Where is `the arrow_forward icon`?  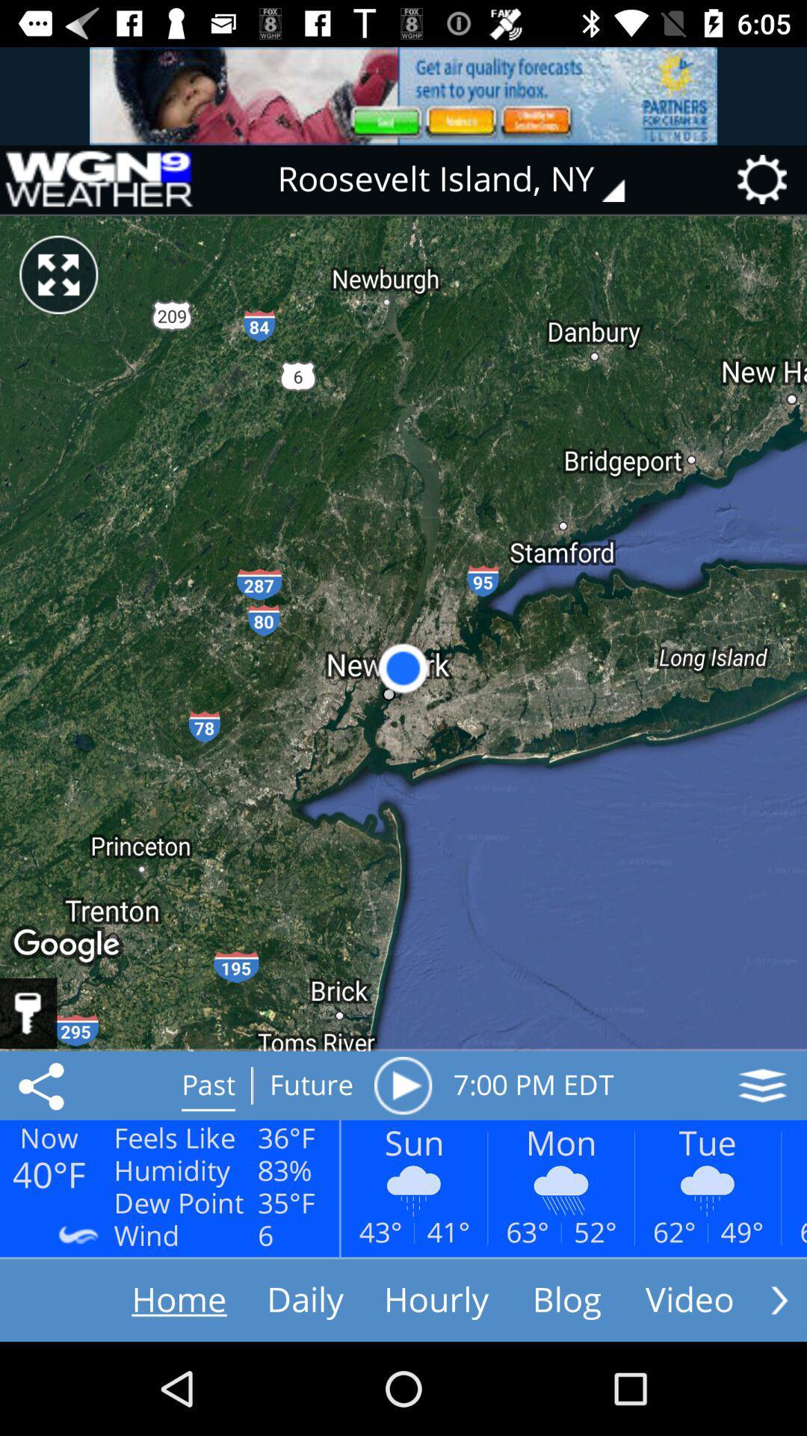 the arrow_forward icon is located at coordinates (779, 1299).